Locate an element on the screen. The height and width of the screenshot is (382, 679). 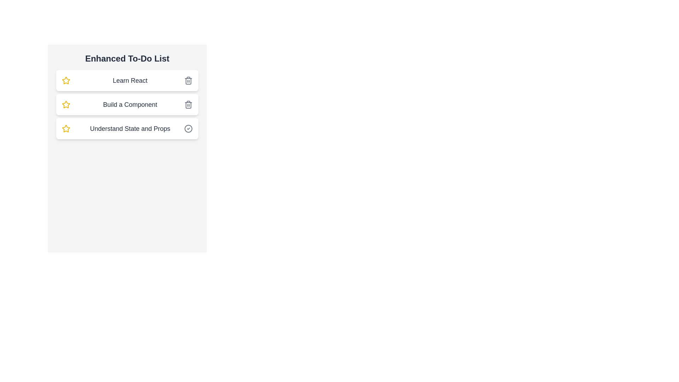
the interactive confirmation icon located on the far right side of the card labeled 'Understand State and Props' in the third row of the list is located at coordinates (188, 128).